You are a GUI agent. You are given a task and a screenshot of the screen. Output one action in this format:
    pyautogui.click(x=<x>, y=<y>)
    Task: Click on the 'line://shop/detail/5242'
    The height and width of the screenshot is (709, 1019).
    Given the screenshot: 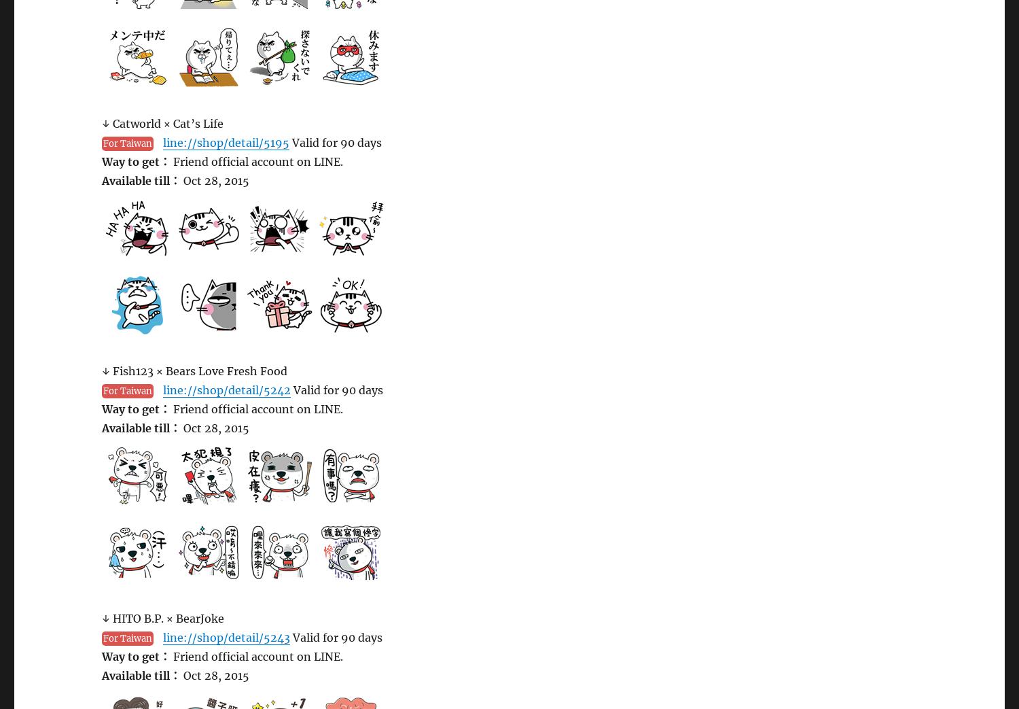 What is the action you would take?
    pyautogui.click(x=226, y=390)
    